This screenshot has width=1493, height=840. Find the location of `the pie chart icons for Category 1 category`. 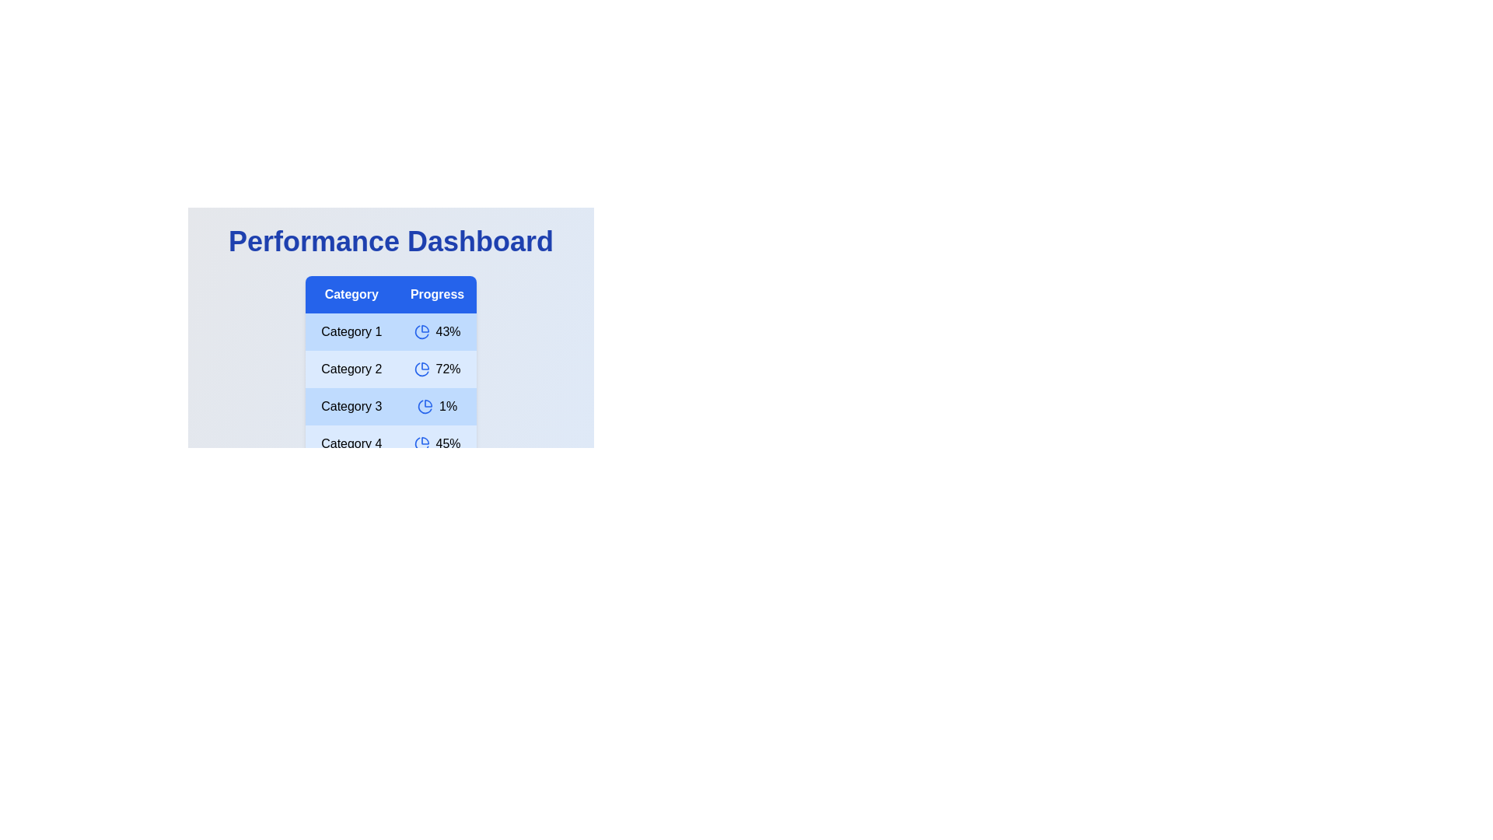

the pie chart icons for Category 1 category is located at coordinates (421, 331).